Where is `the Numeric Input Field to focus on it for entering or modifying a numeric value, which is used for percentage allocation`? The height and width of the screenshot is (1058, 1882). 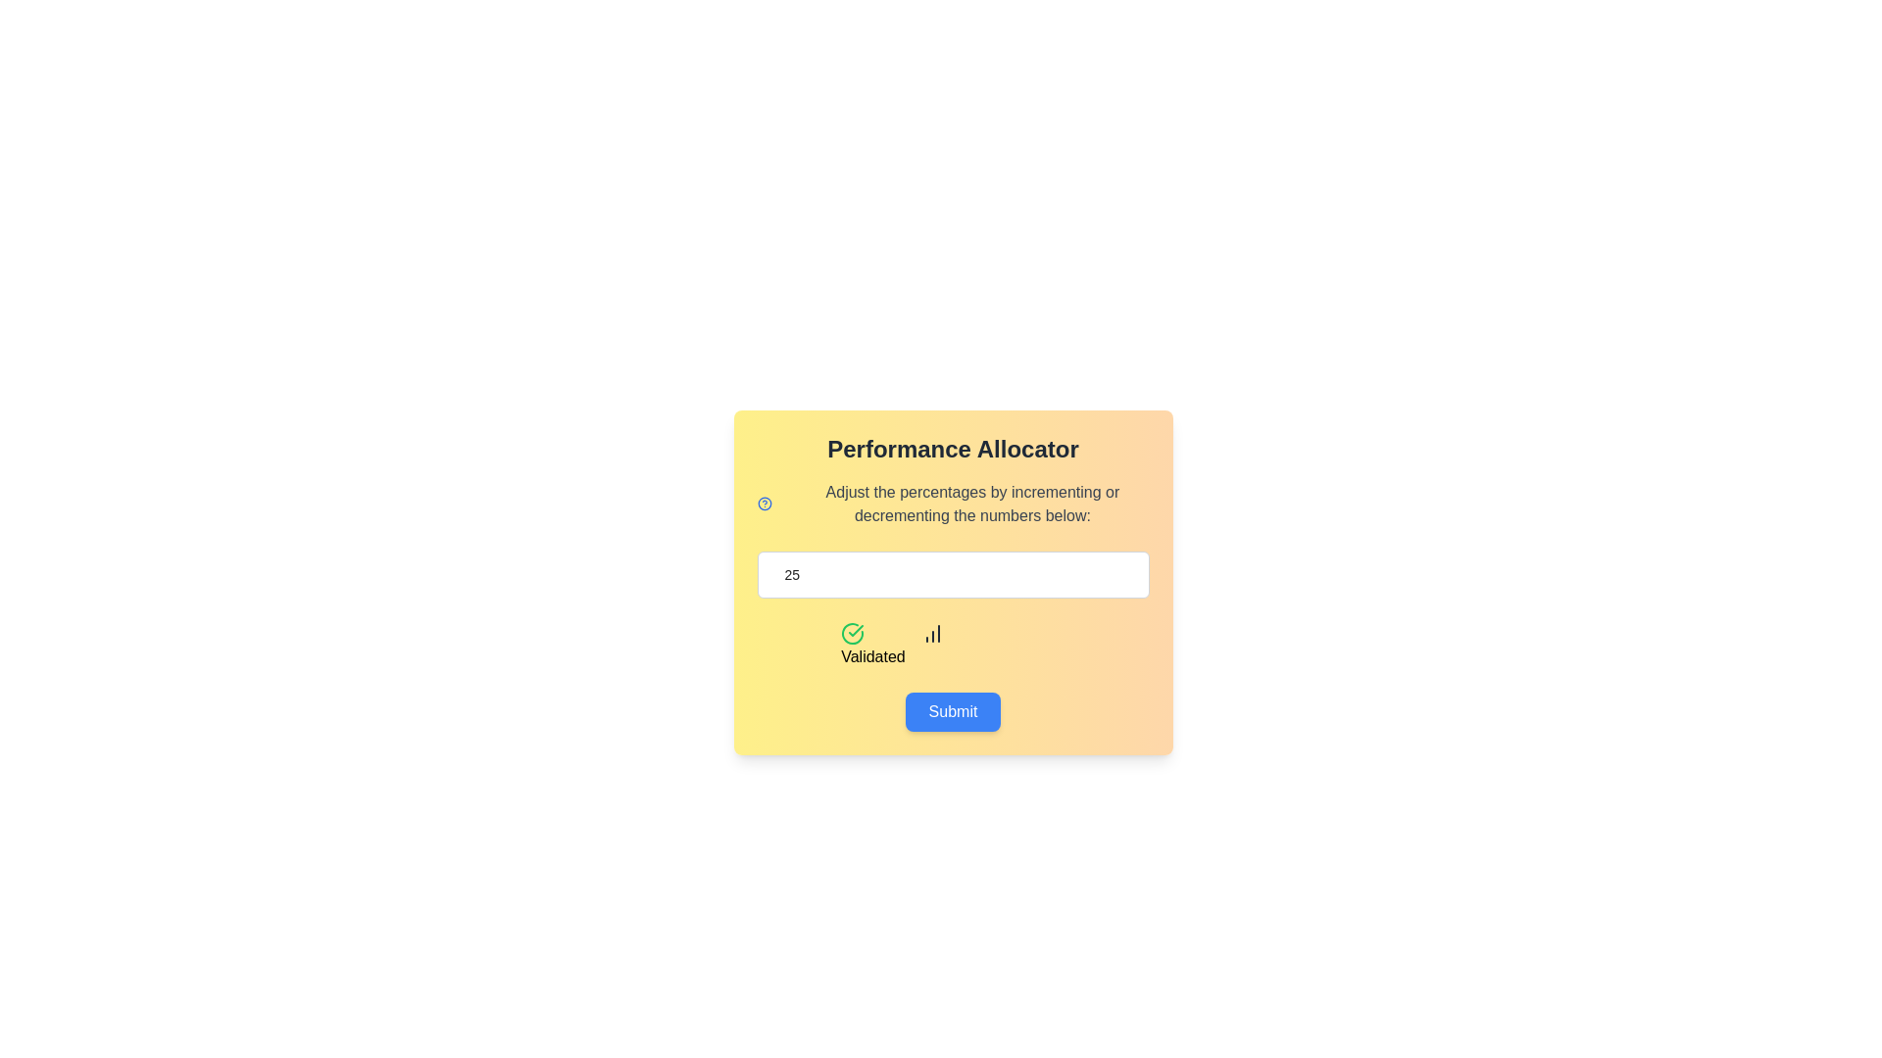 the Numeric Input Field to focus on it for entering or modifying a numeric value, which is used for percentage allocation is located at coordinates (953, 573).